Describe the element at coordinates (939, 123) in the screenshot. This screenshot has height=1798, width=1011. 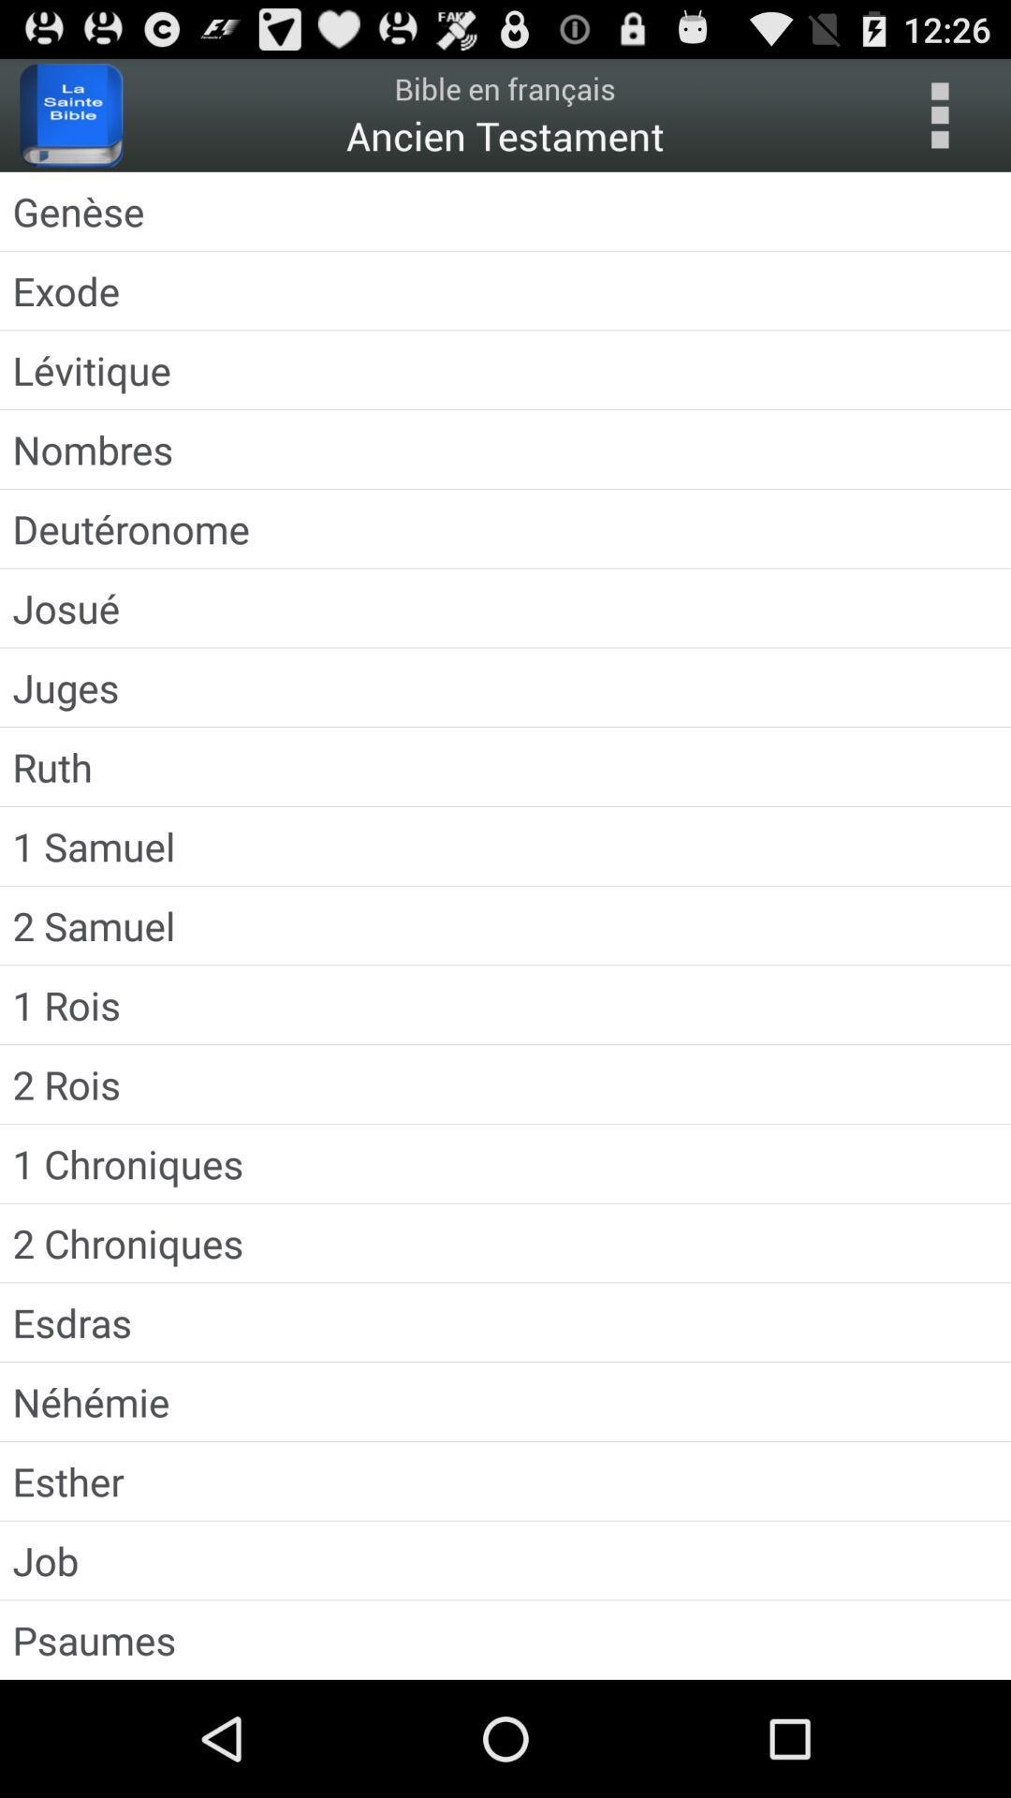
I see `the more icon` at that location.